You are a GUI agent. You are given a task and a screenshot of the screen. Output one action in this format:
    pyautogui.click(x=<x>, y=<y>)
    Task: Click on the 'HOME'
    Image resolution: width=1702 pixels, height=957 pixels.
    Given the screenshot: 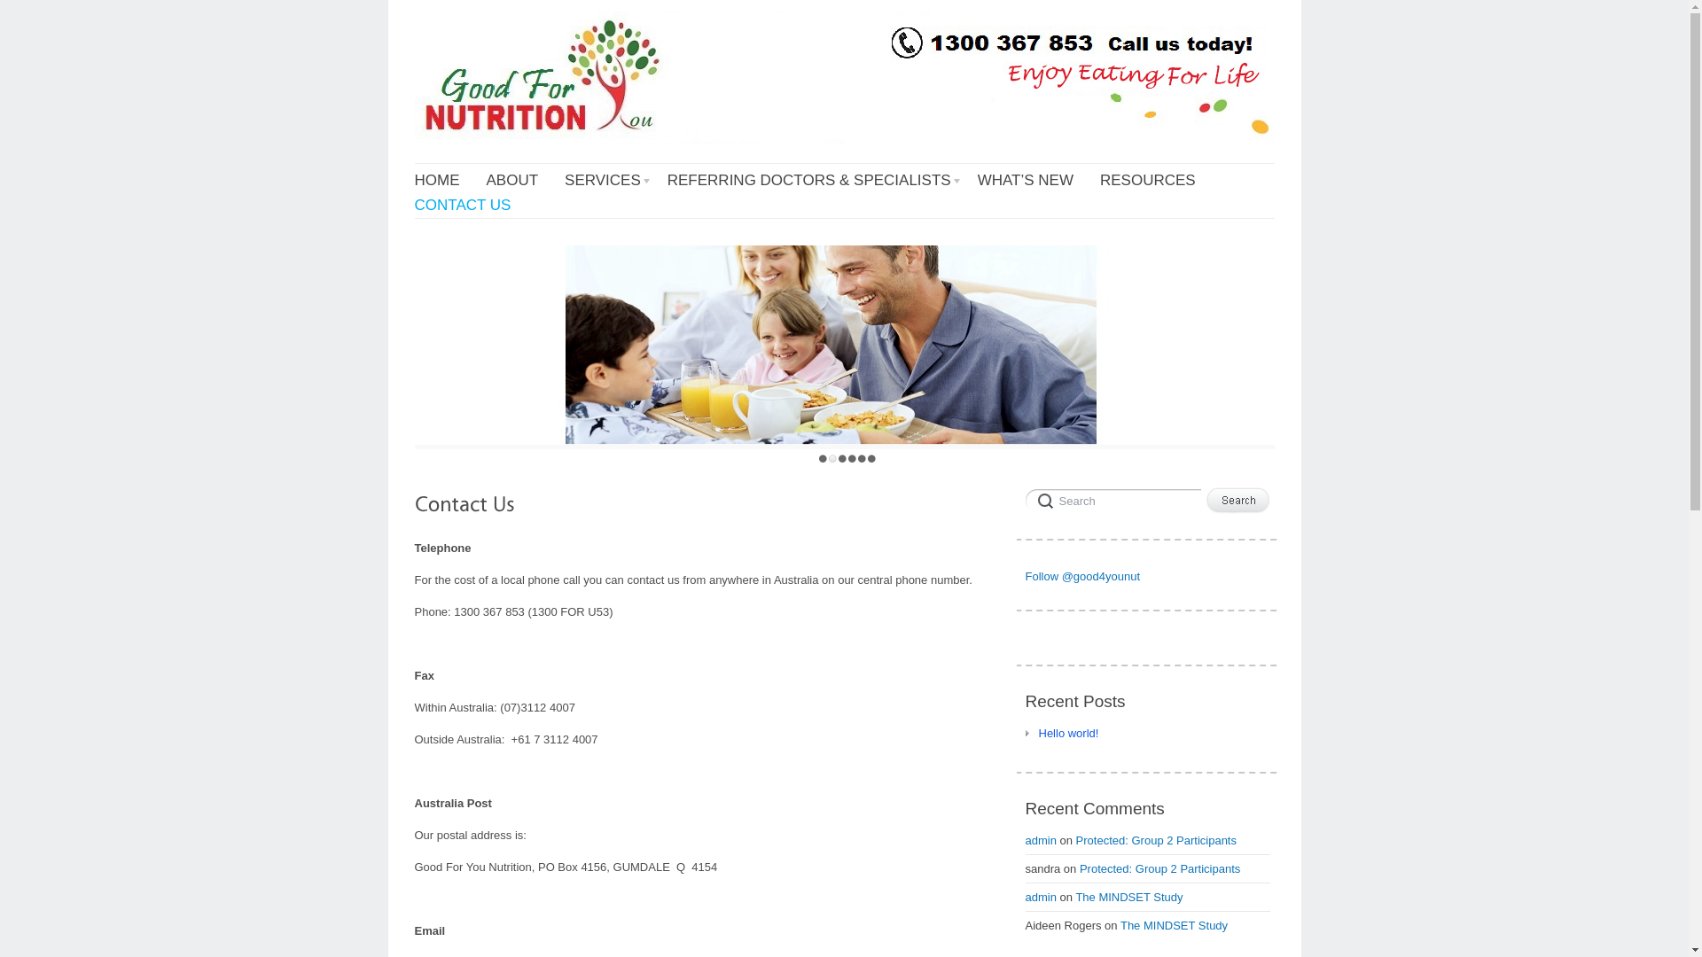 What is the action you would take?
    pyautogui.click(x=413, y=181)
    